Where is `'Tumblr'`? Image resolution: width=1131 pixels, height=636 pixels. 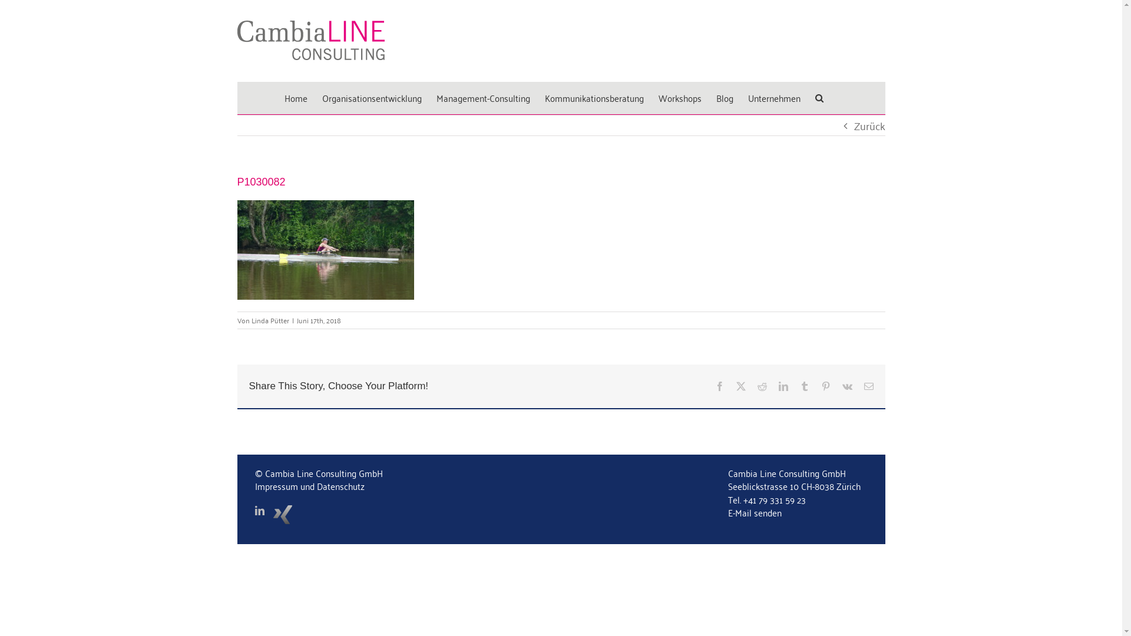 'Tumblr' is located at coordinates (804, 386).